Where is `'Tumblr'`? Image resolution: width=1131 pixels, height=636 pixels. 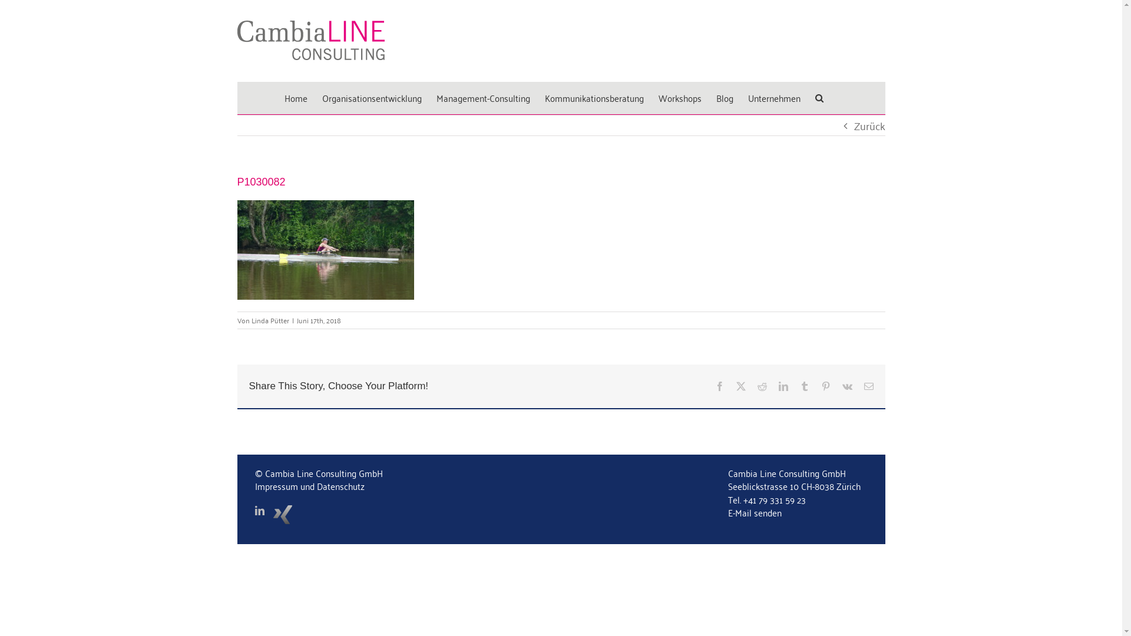 'Tumblr' is located at coordinates (804, 386).